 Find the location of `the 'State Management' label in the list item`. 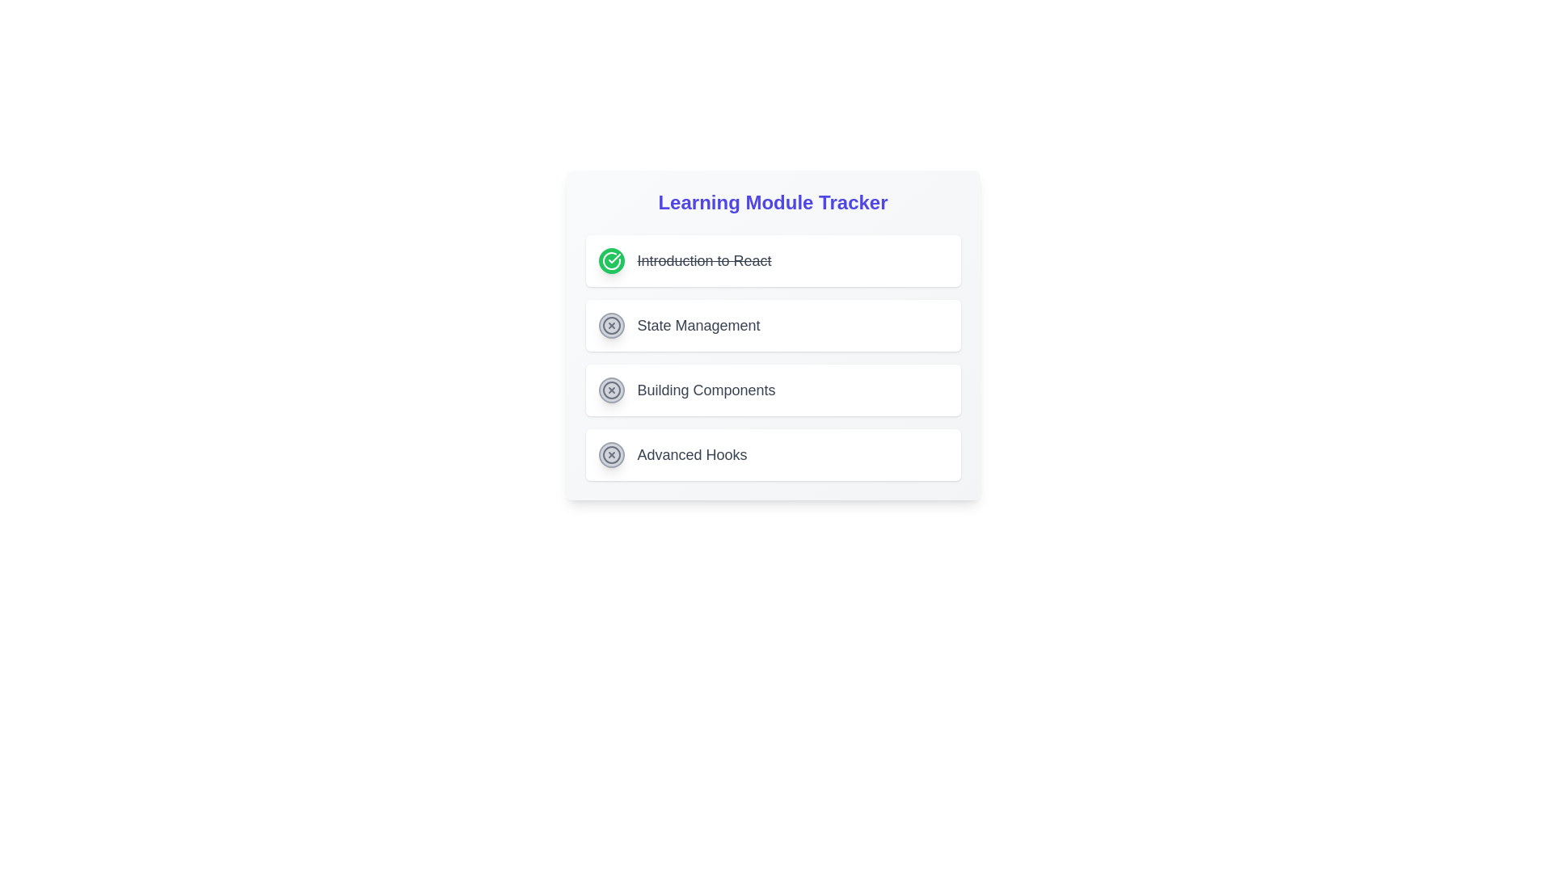

the 'State Management' label in the list item is located at coordinates (679, 325).